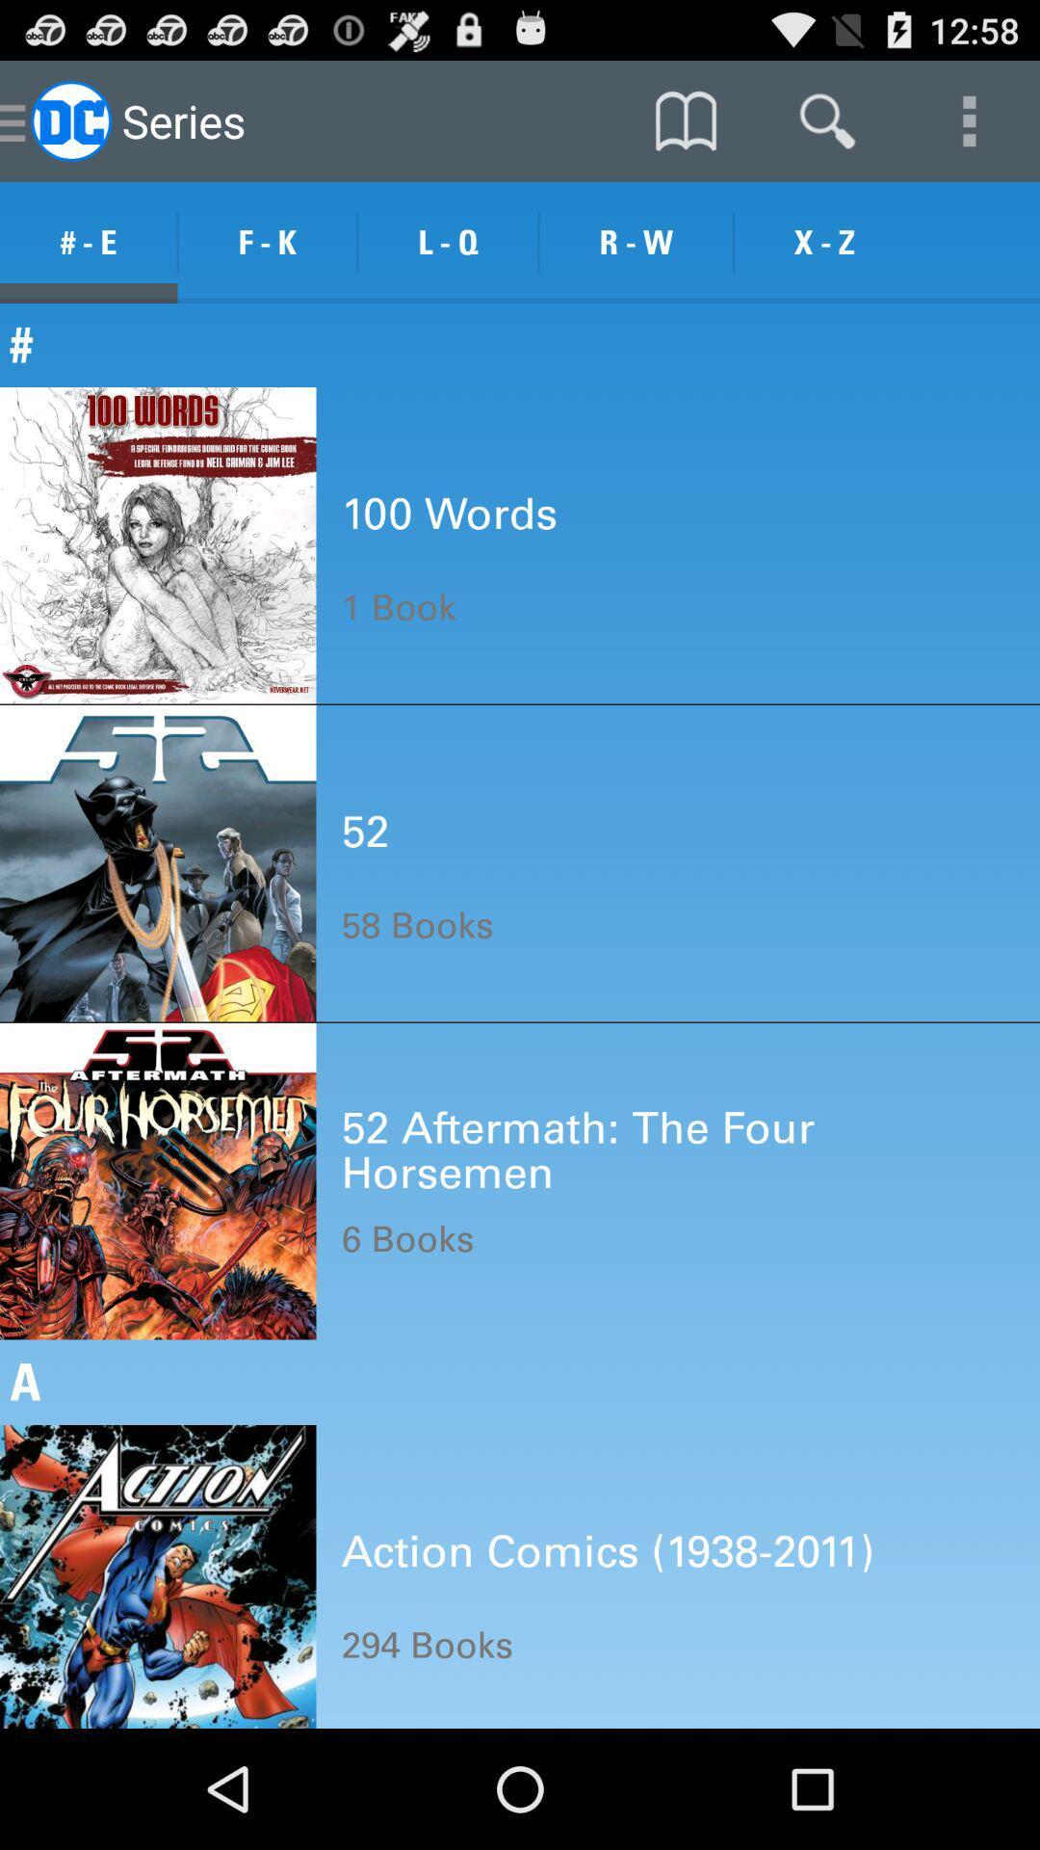  Describe the element at coordinates (823, 242) in the screenshot. I see `the icon to the right of r - w item` at that location.